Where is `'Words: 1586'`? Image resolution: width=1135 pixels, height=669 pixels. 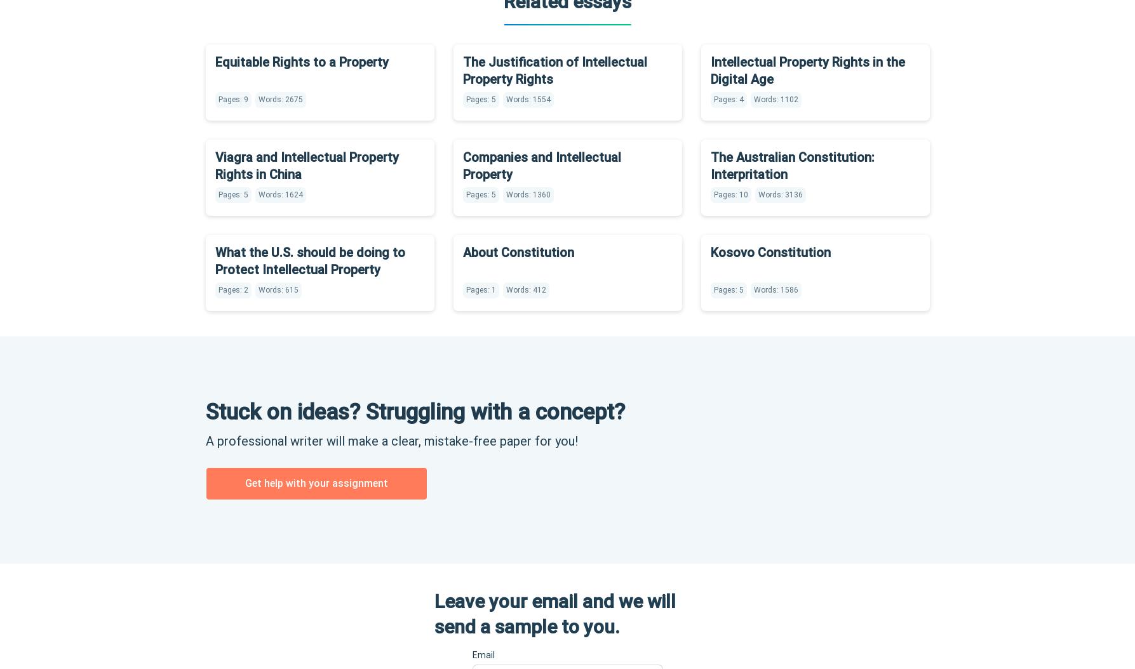
'Words: 1586' is located at coordinates (753, 289).